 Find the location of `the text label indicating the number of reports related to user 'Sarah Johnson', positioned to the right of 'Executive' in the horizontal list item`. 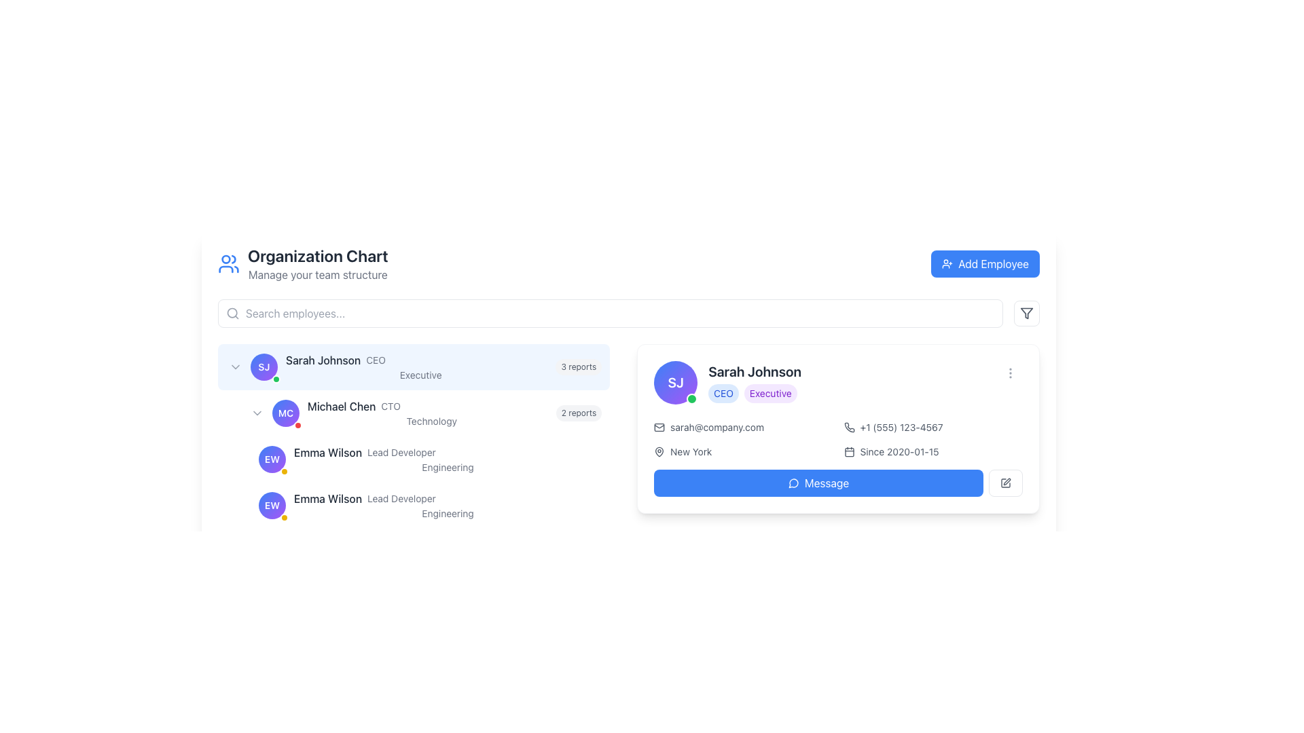

the text label indicating the number of reports related to user 'Sarah Johnson', positioned to the right of 'Executive' in the horizontal list item is located at coordinates (579, 366).